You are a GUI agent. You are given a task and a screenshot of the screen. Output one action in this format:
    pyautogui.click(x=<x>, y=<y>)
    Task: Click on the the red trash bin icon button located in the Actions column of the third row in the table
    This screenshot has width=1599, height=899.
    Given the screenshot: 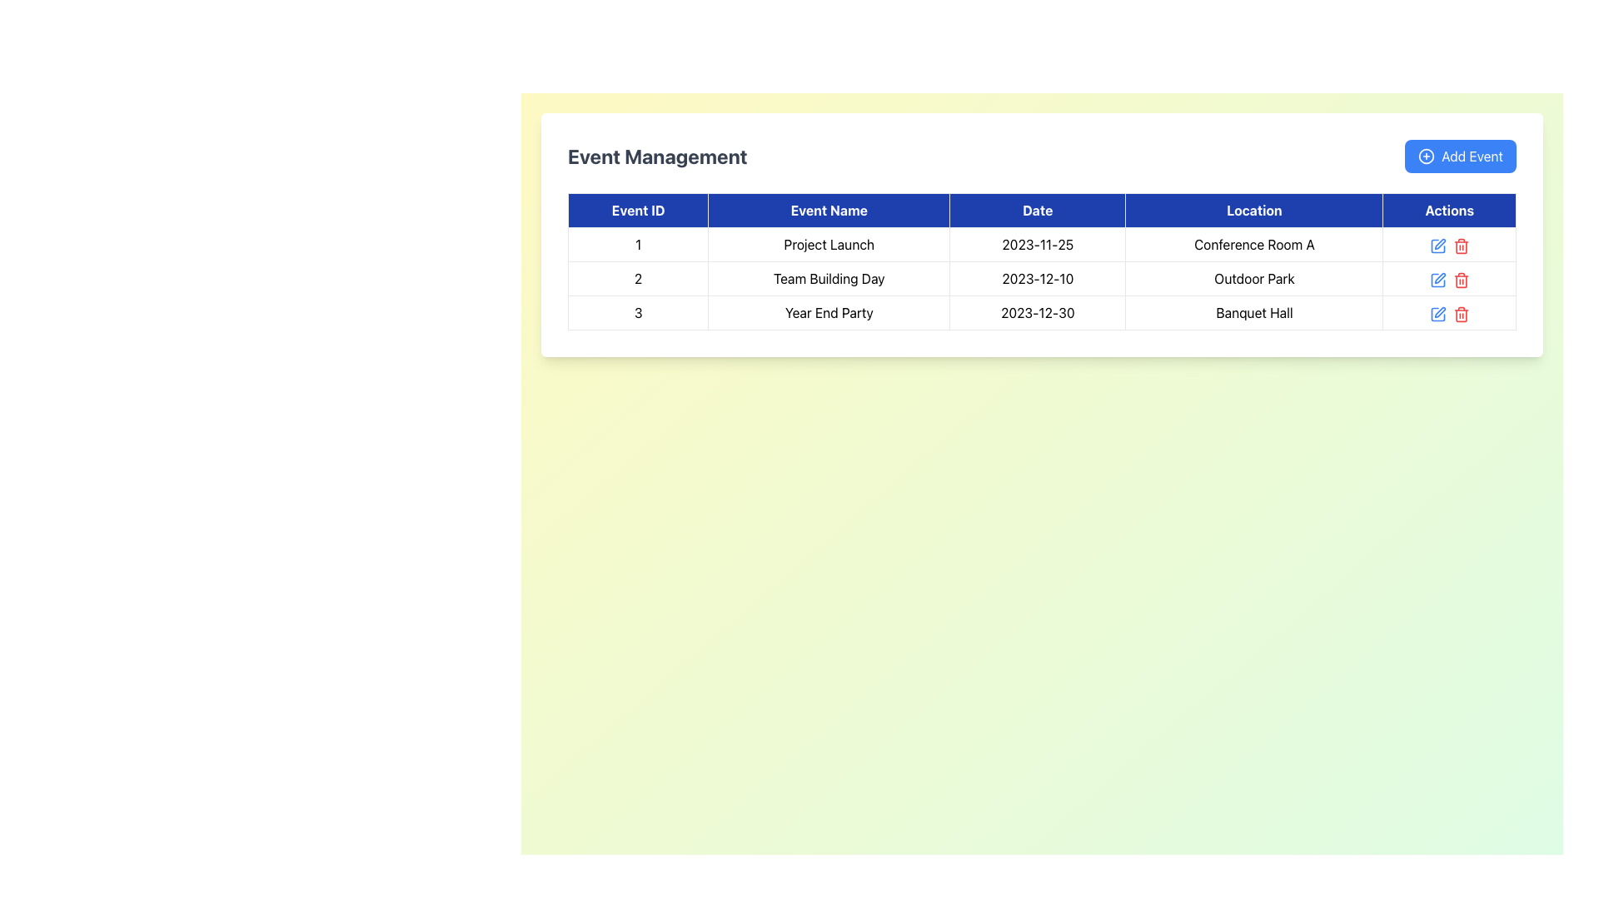 What is the action you would take?
    pyautogui.click(x=1460, y=314)
    